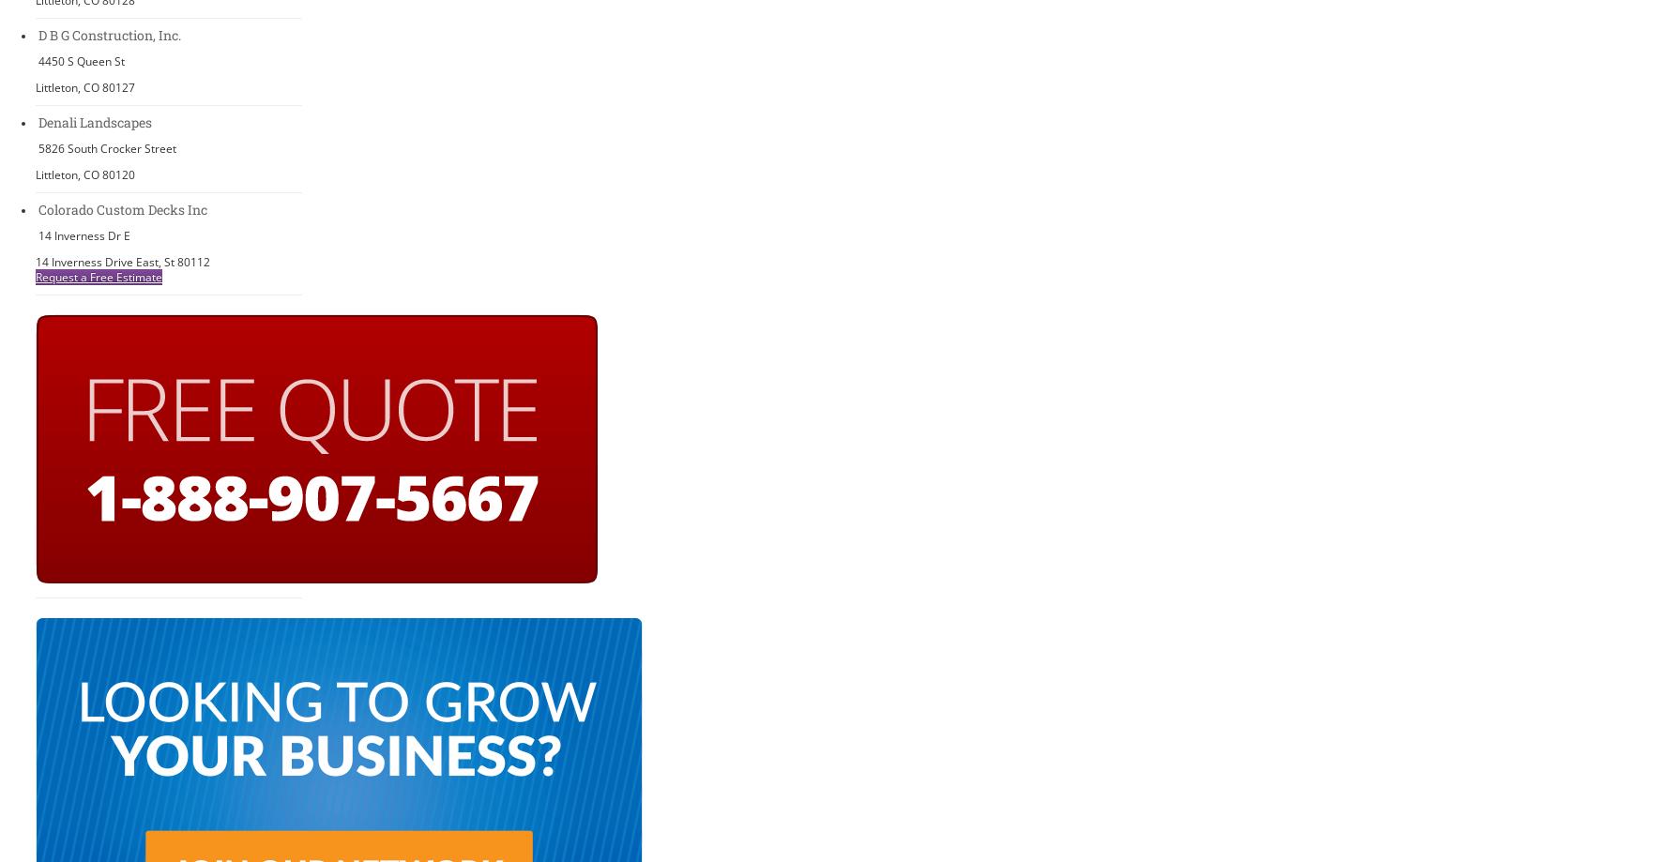 The width and height of the screenshot is (1671, 862). What do you see at coordinates (169, 260) in the screenshot?
I see `'St'` at bounding box center [169, 260].